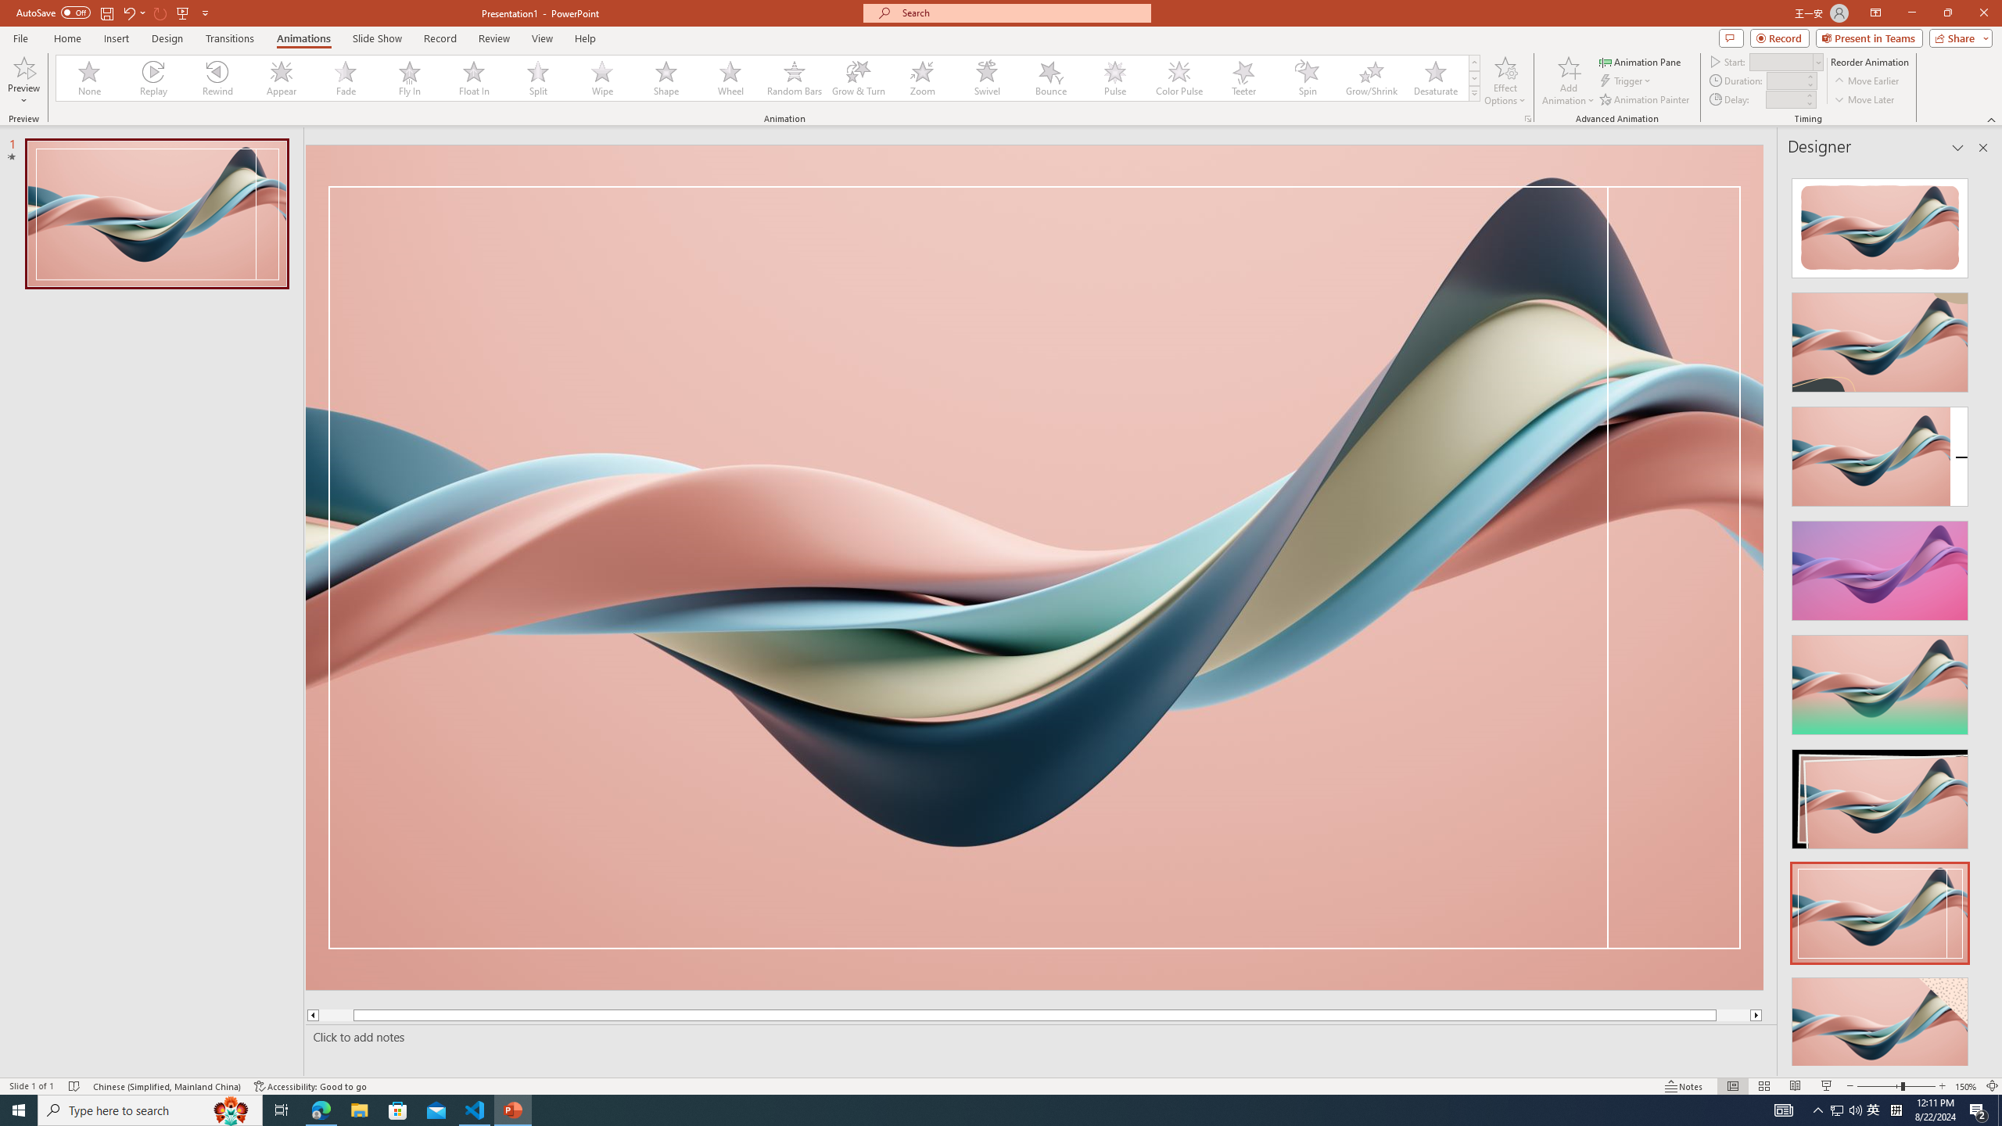 The height and width of the screenshot is (1126, 2002). What do you see at coordinates (602, 77) in the screenshot?
I see `'Wipe'` at bounding box center [602, 77].